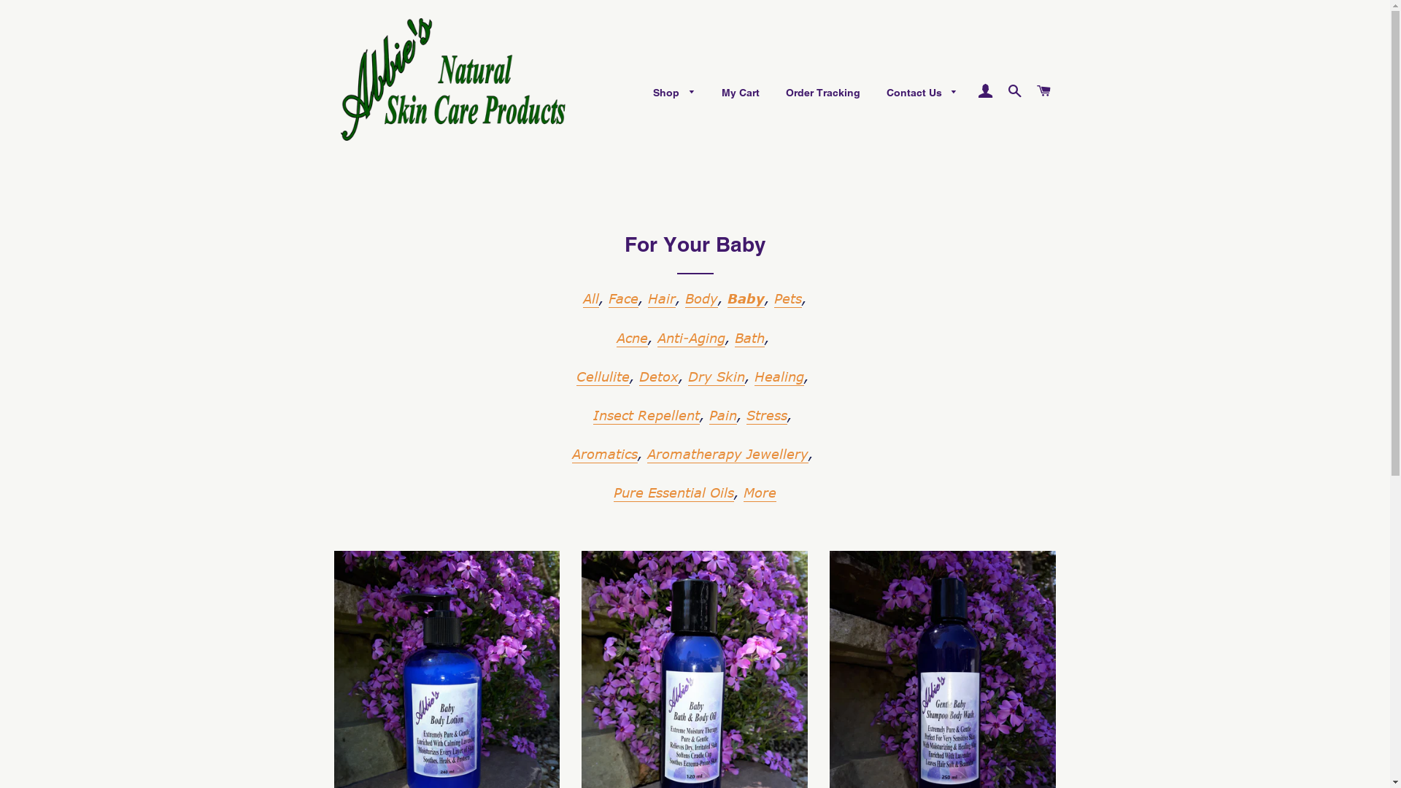 The image size is (1401, 788). What do you see at coordinates (740, 93) in the screenshot?
I see `'My Cart'` at bounding box center [740, 93].